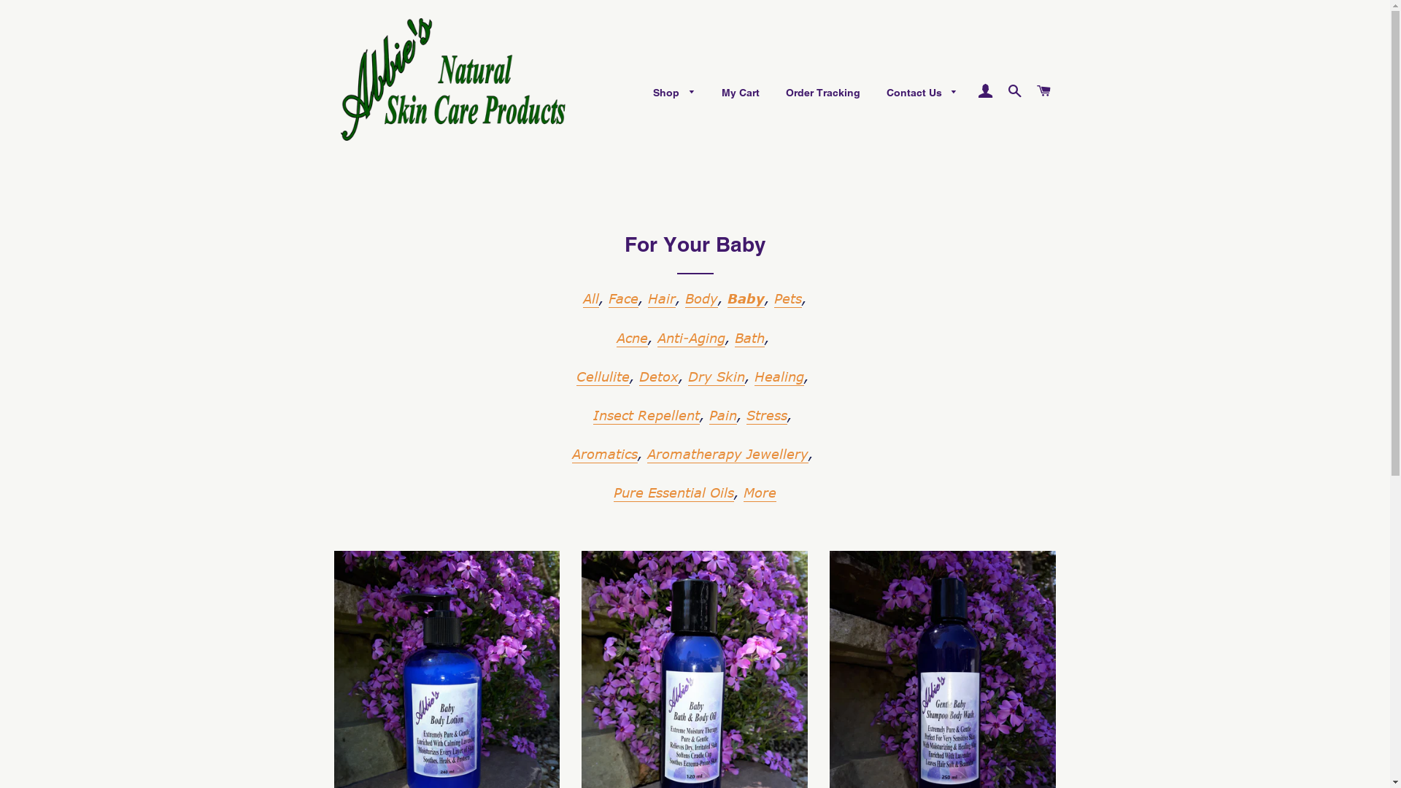 The image size is (1401, 788). What do you see at coordinates (740, 93) in the screenshot?
I see `'My Cart'` at bounding box center [740, 93].